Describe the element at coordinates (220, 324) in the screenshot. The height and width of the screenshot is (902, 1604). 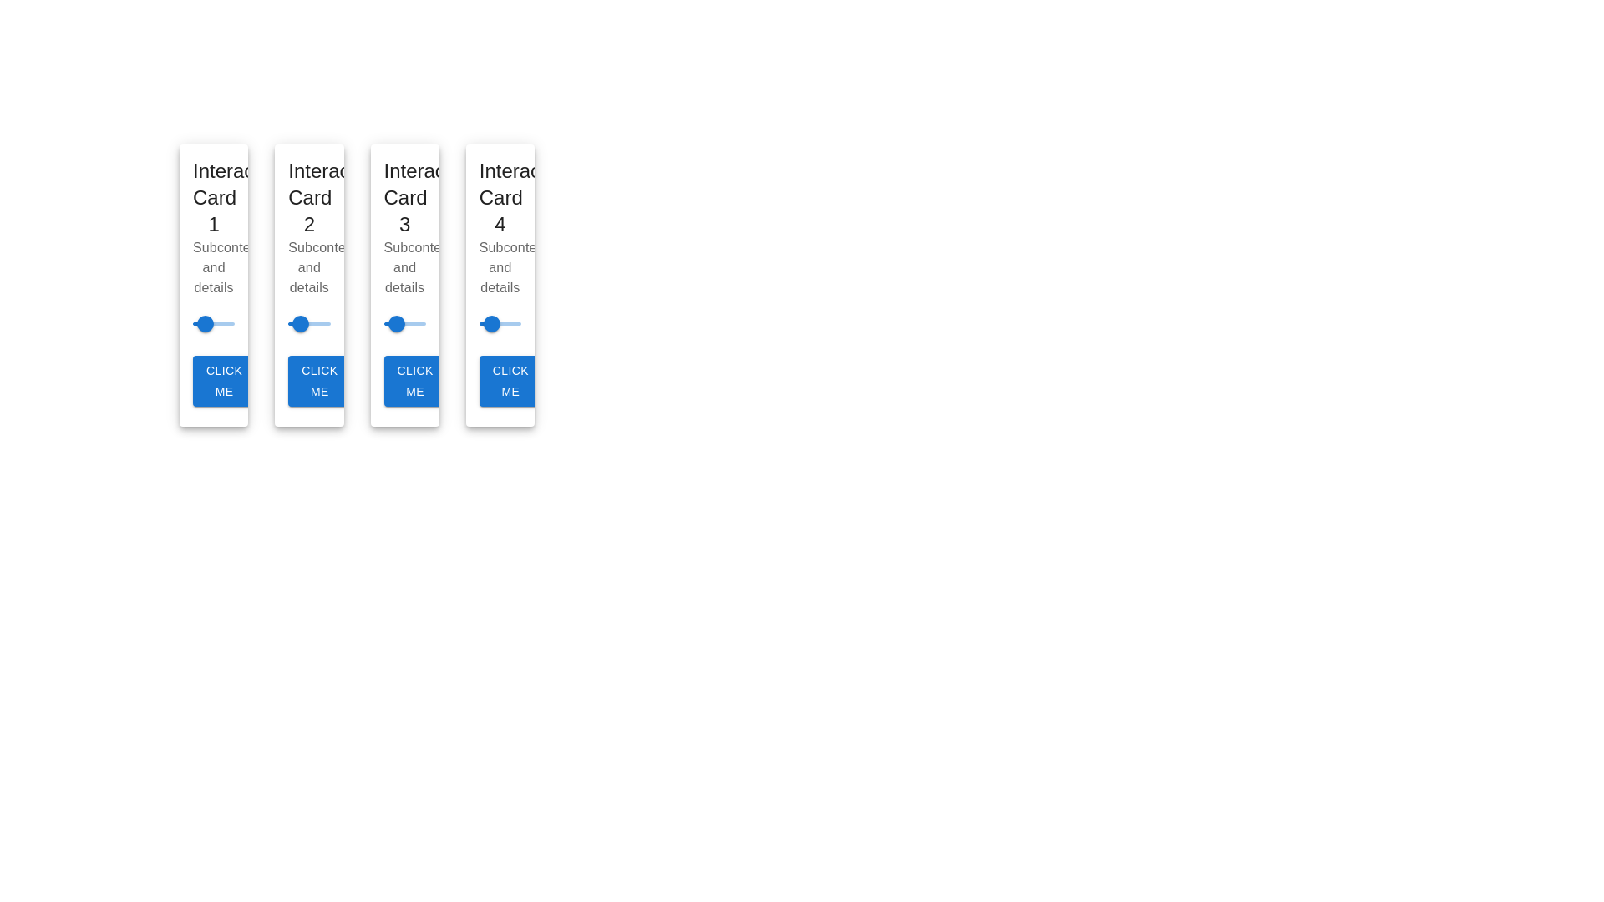
I see `the slider` at that location.